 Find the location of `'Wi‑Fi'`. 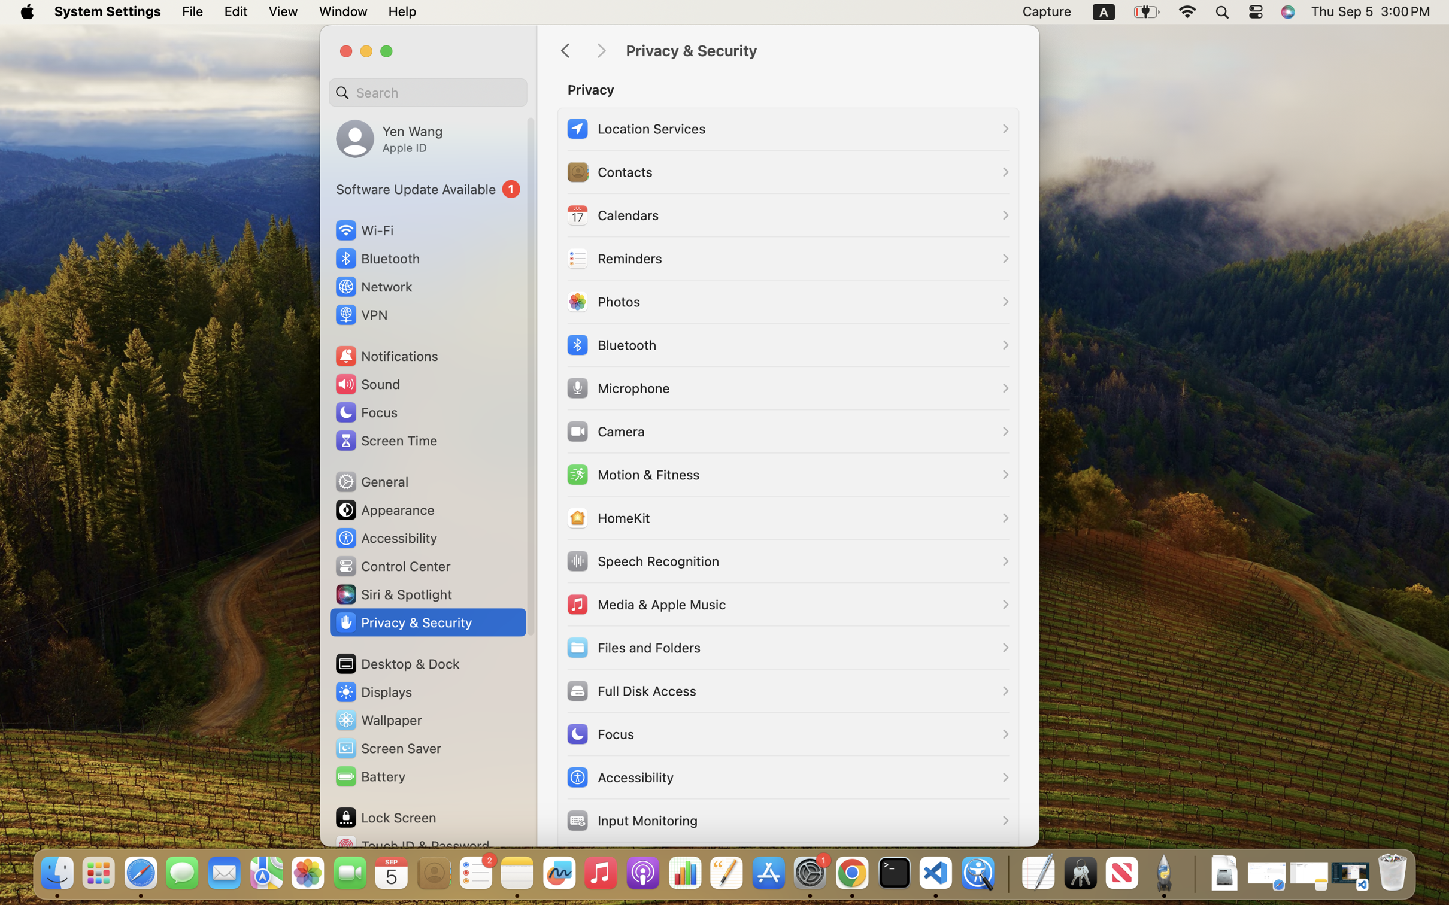

'Wi‑Fi' is located at coordinates (363, 229).